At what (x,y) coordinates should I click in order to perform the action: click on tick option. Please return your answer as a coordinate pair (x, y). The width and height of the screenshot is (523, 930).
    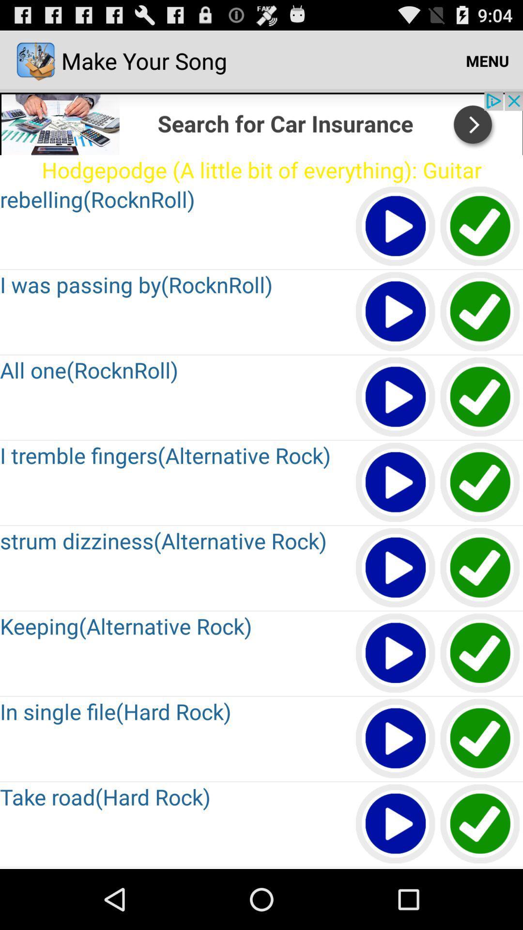
    Looking at the image, I should click on (480, 738).